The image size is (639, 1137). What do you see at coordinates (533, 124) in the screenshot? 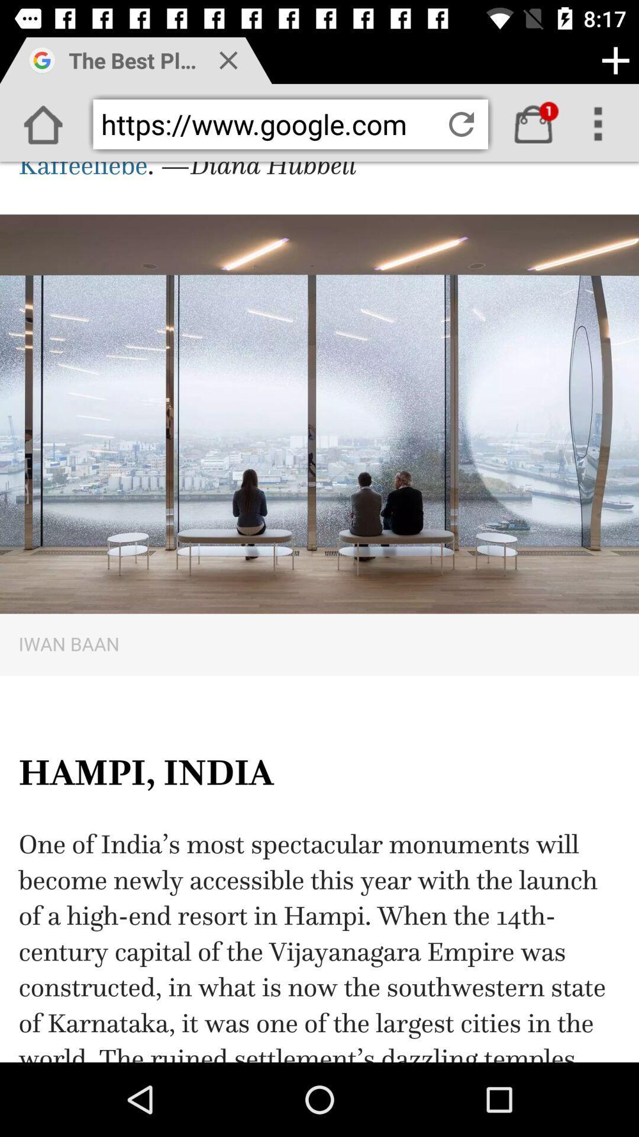
I see `shopping bag` at bounding box center [533, 124].